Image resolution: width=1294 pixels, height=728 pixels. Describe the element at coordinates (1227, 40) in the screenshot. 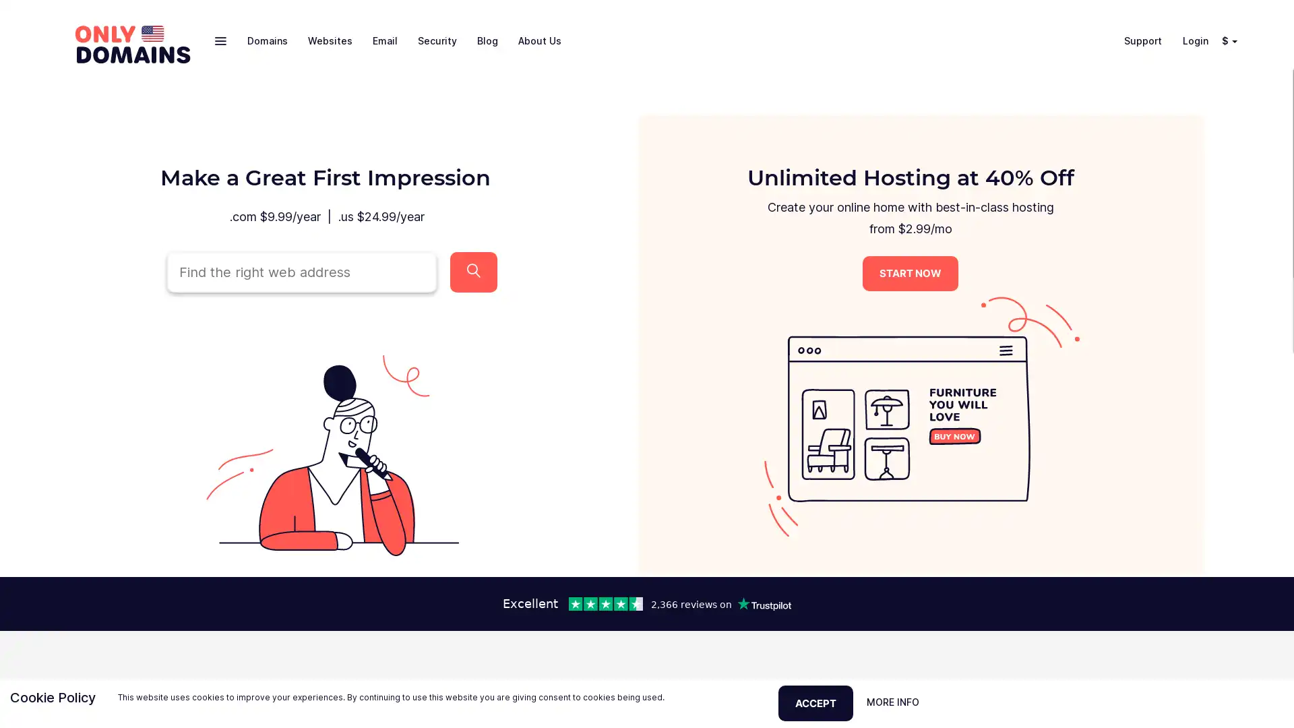

I see `$` at that location.